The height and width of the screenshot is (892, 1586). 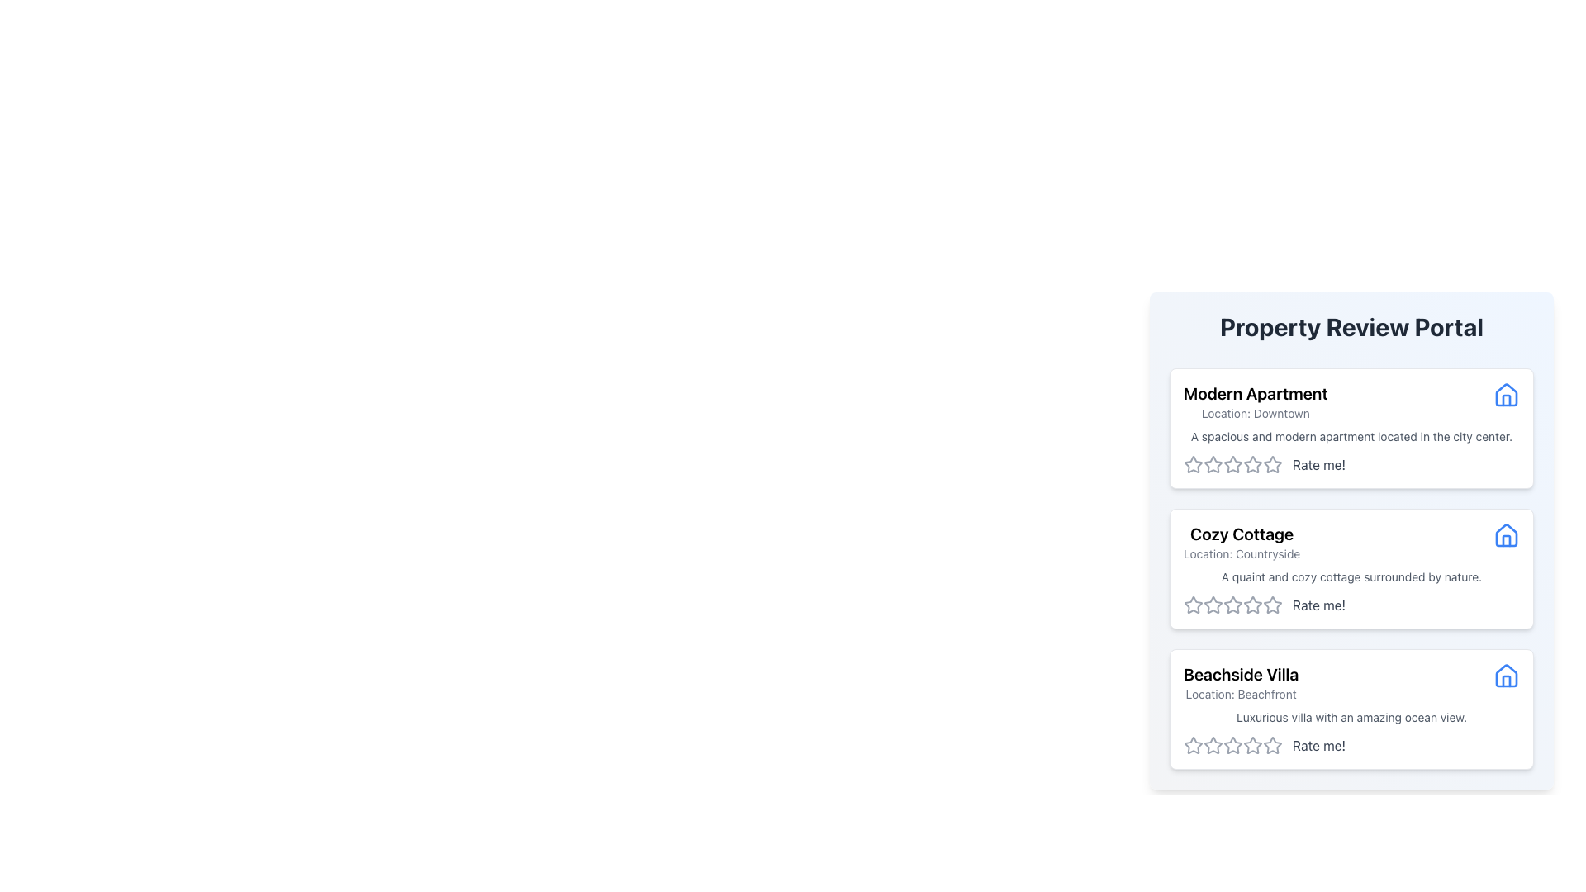 What do you see at coordinates (1318, 745) in the screenshot?
I see `the text label located to the right of the clickable star icons in the rating section of the 'Beachside Villa' property card` at bounding box center [1318, 745].